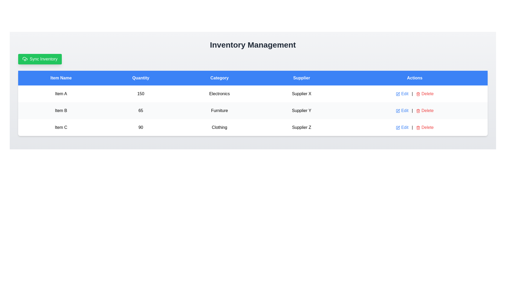 The height and width of the screenshot is (284, 505). What do you see at coordinates (61, 110) in the screenshot?
I see `the text label displaying 'Item B' in the first cell of the second row under the 'Item Name' column` at bounding box center [61, 110].